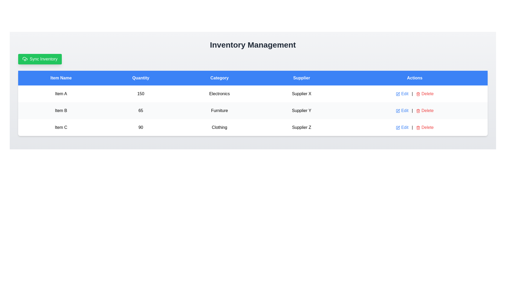 The height and width of the screenshot is (284, 505). What do you see at coordinates (61, 110) in the screenshot?
I see `the text label displaying 'Item B' in the first cell of the second row under the 'Item Name' column` at bounding box center [61, 110].